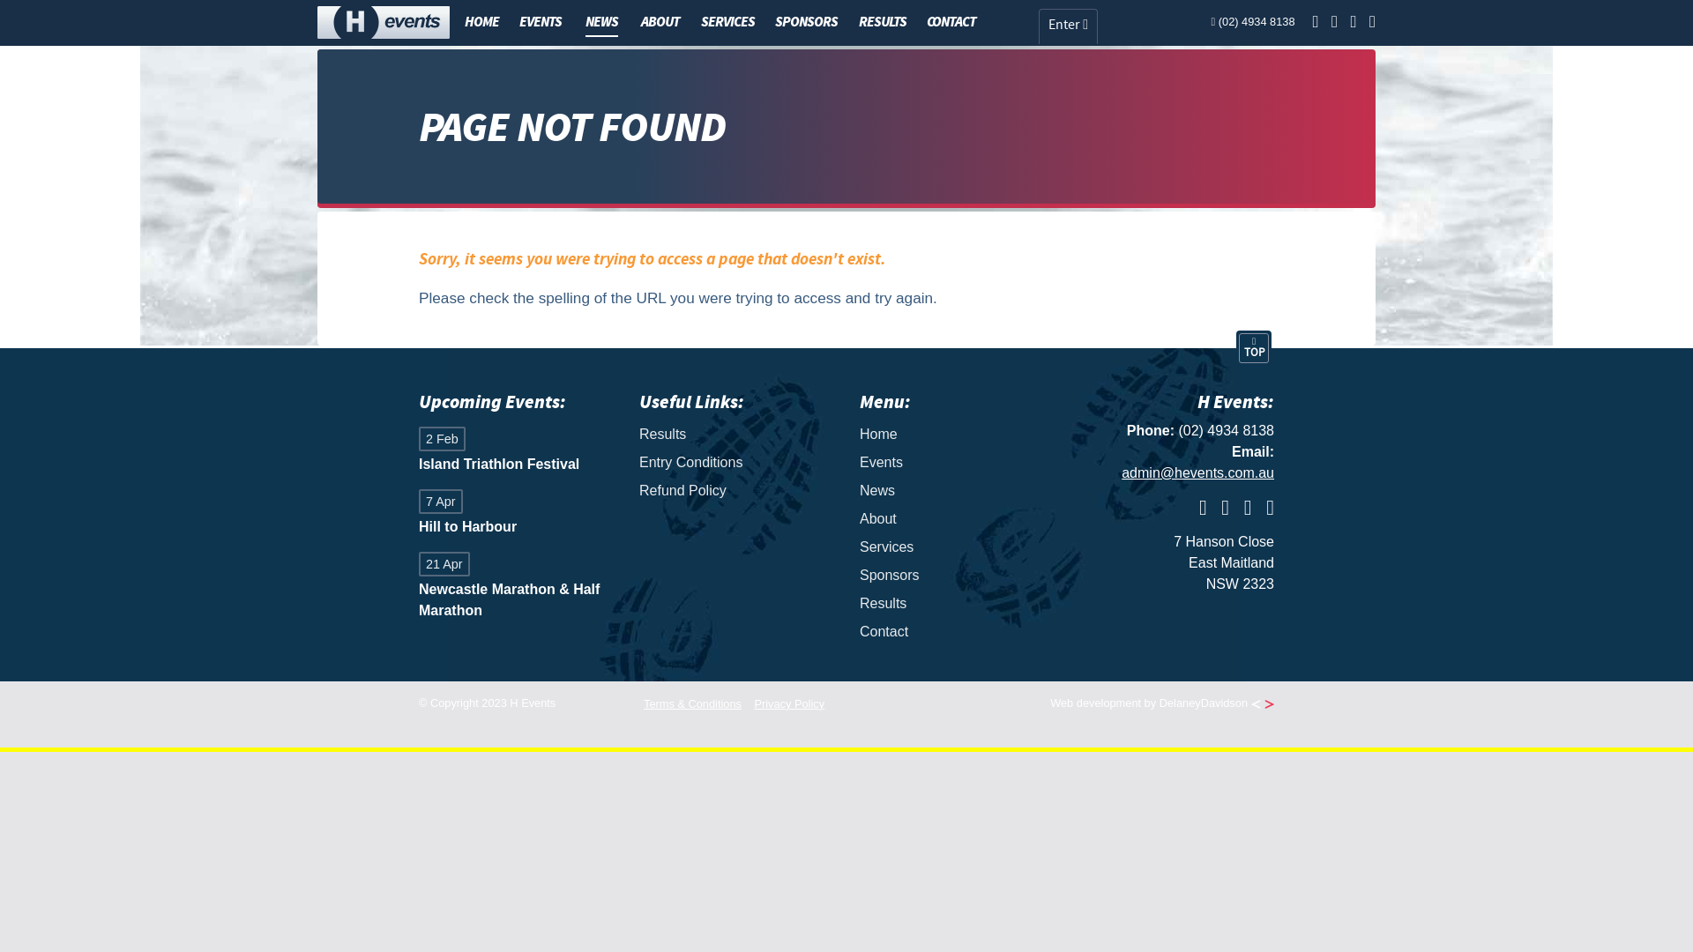  What do you see at coordinates (736, 490) in the screenshot?
I see `'Refund Policy'` at bounding box center [736, 490].